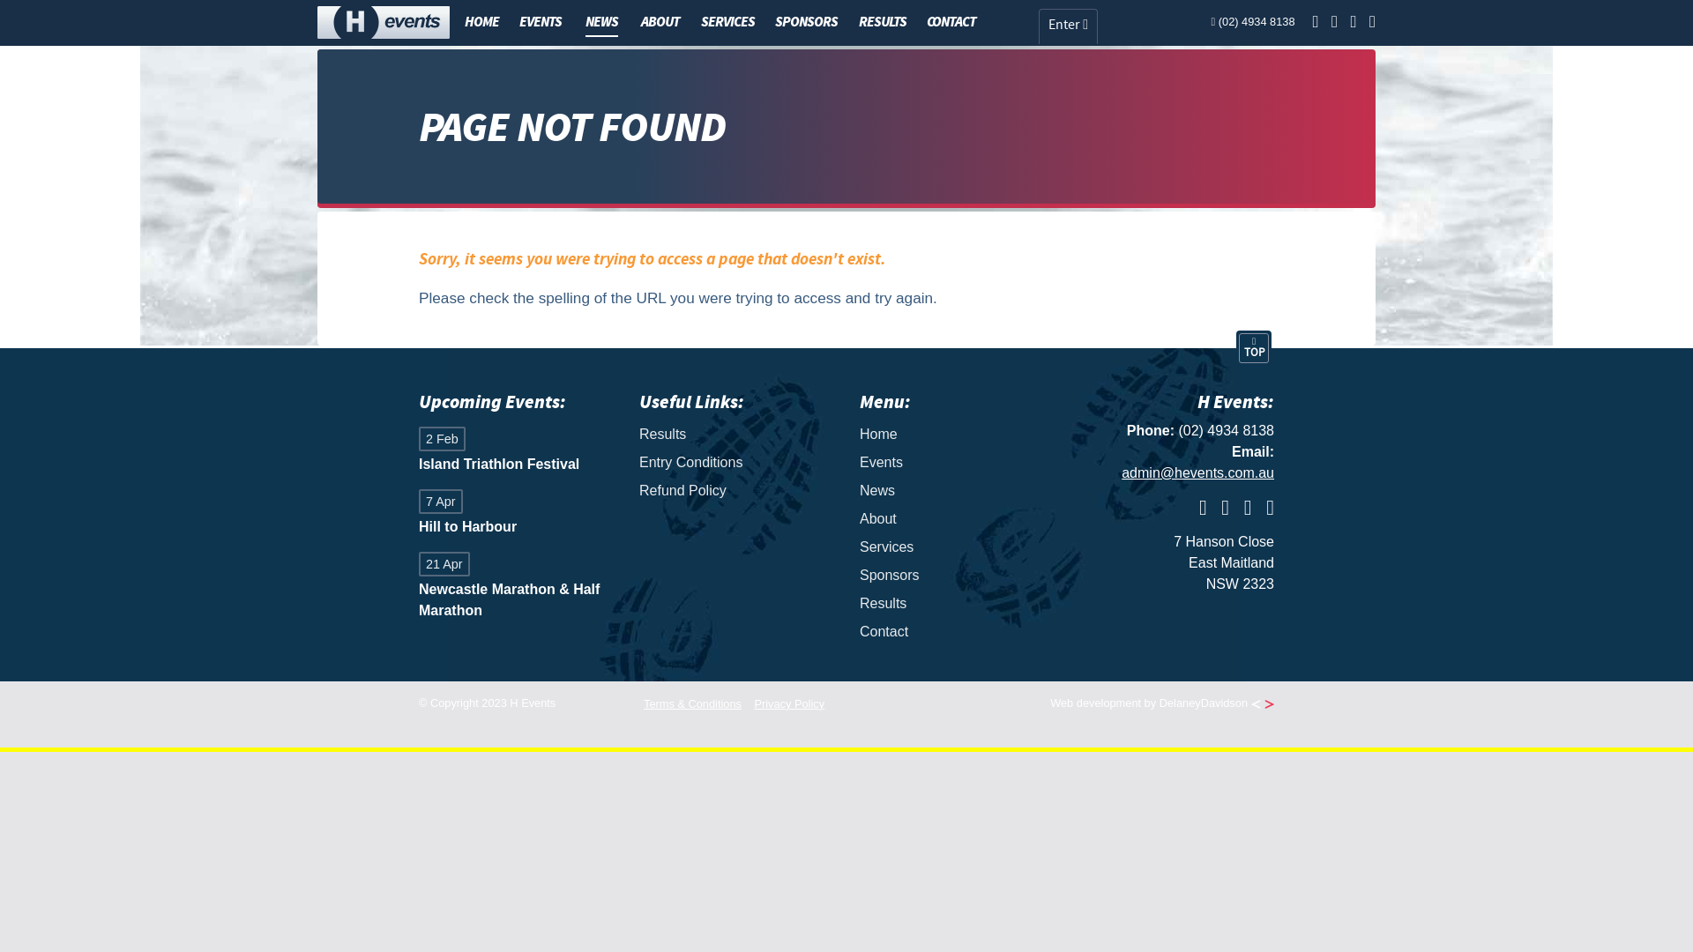  What do you see at coordinates (736, 490) in the screenshot?
I see `'Refund Policy'` at bounding box center [736, 490].